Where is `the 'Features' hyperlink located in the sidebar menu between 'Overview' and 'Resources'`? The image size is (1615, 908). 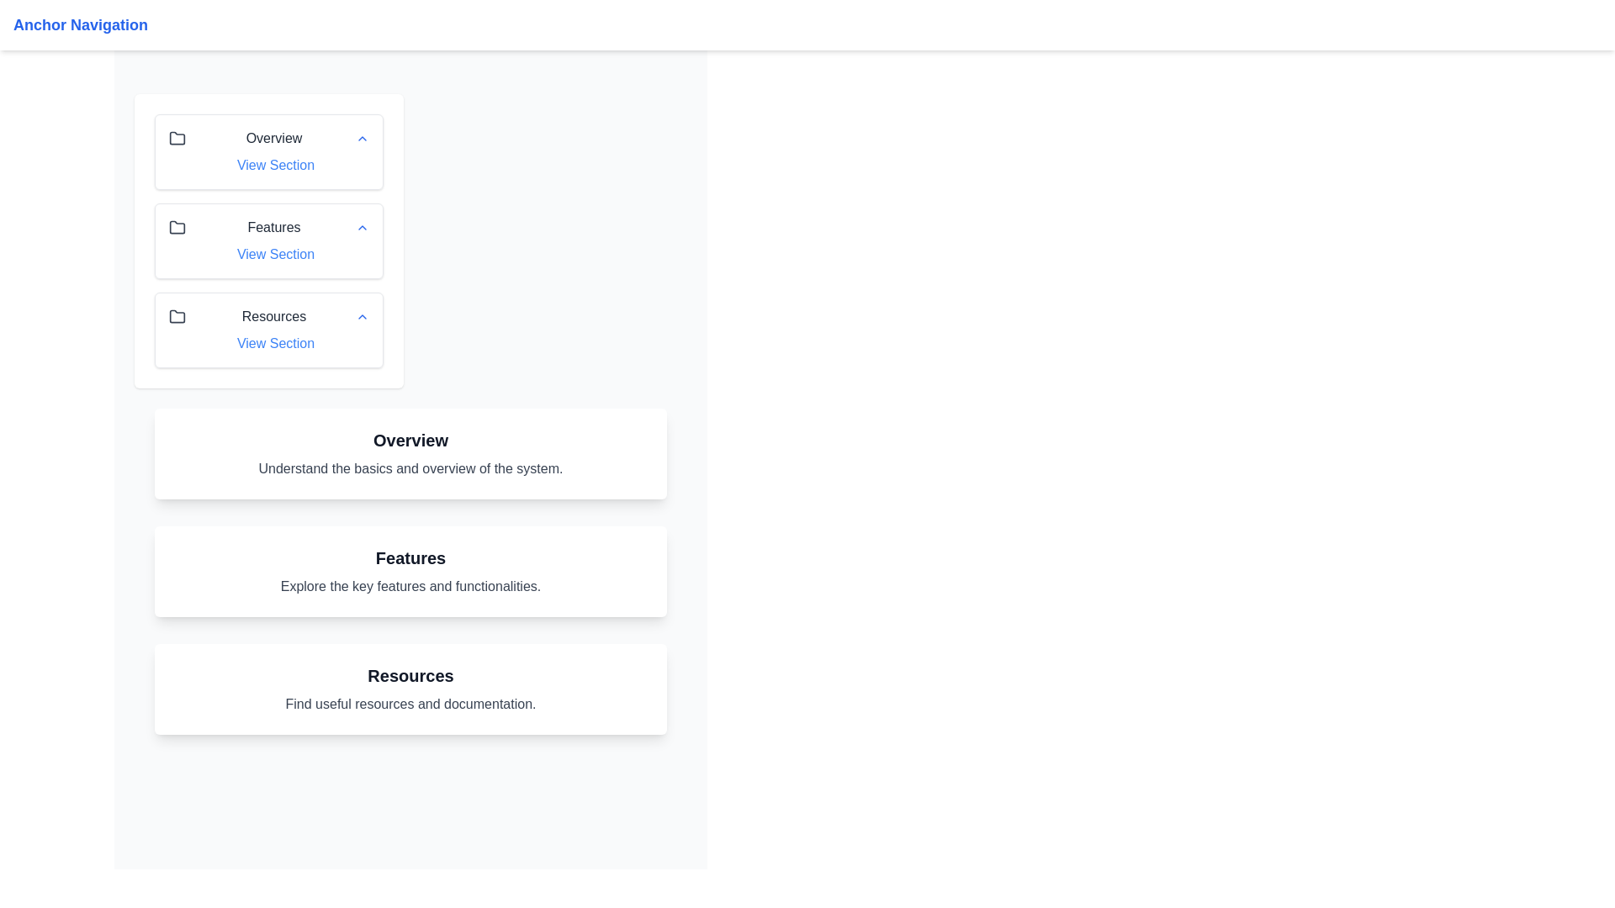 the 'Features' hyperlink located in the sidebar menu between 'Overview' and 'Resources' is located at coordinates (275, 255).